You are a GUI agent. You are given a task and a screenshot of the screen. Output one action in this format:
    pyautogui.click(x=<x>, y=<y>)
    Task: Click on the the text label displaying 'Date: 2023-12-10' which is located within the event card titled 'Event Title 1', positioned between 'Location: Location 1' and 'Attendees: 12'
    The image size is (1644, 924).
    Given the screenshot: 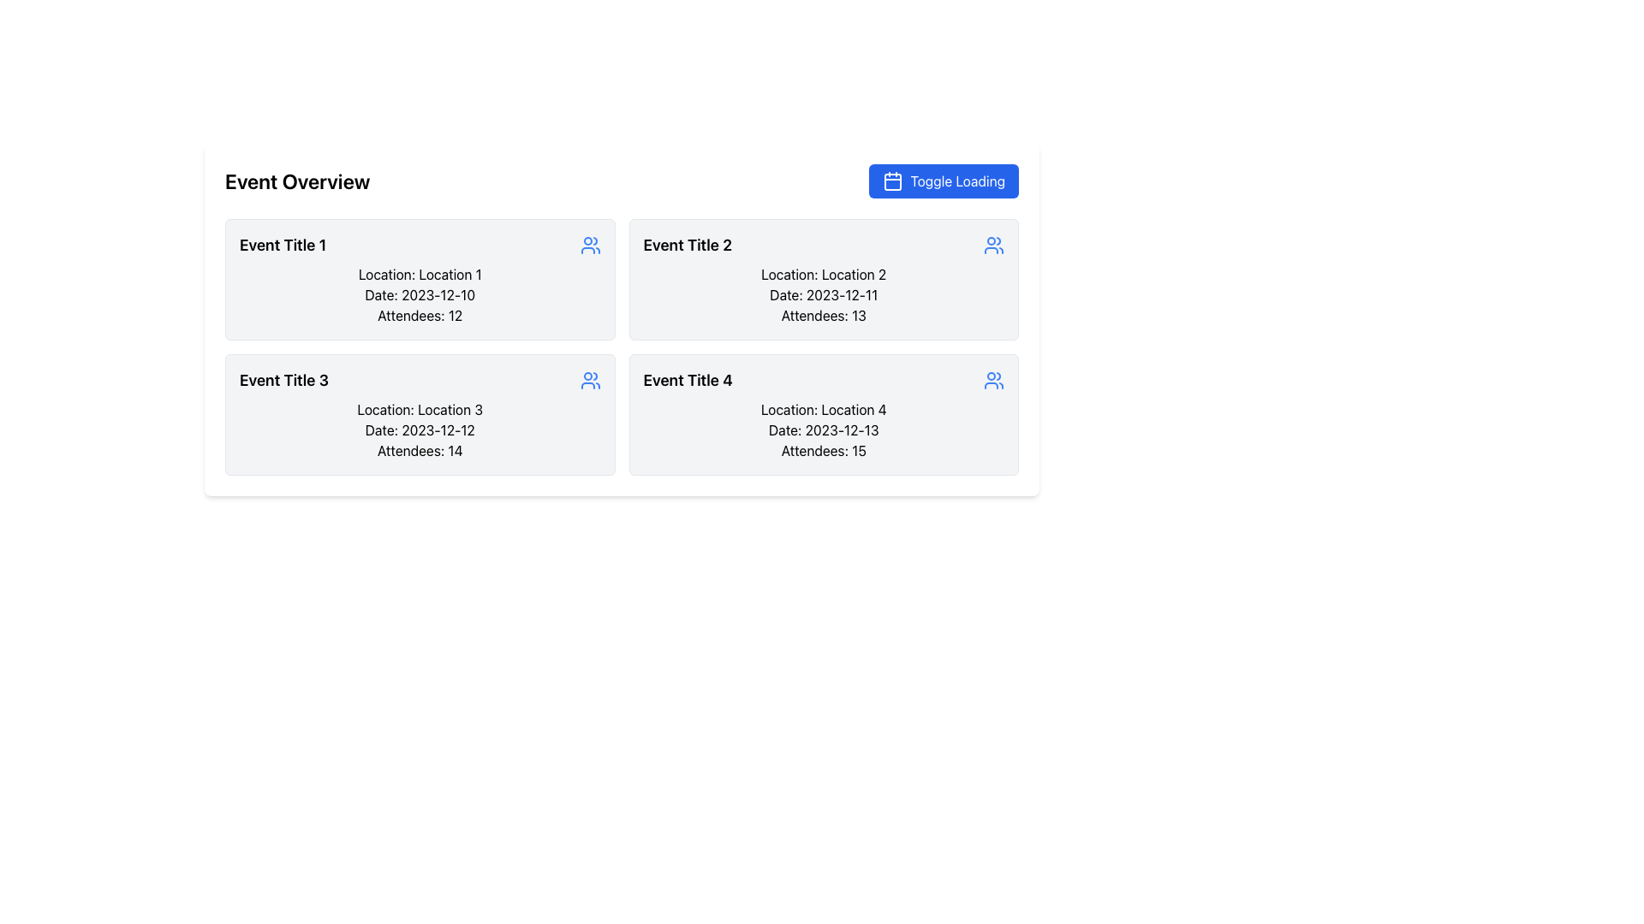 What is the action you would take?
    pyautogui.click(x=420, y=293)
    